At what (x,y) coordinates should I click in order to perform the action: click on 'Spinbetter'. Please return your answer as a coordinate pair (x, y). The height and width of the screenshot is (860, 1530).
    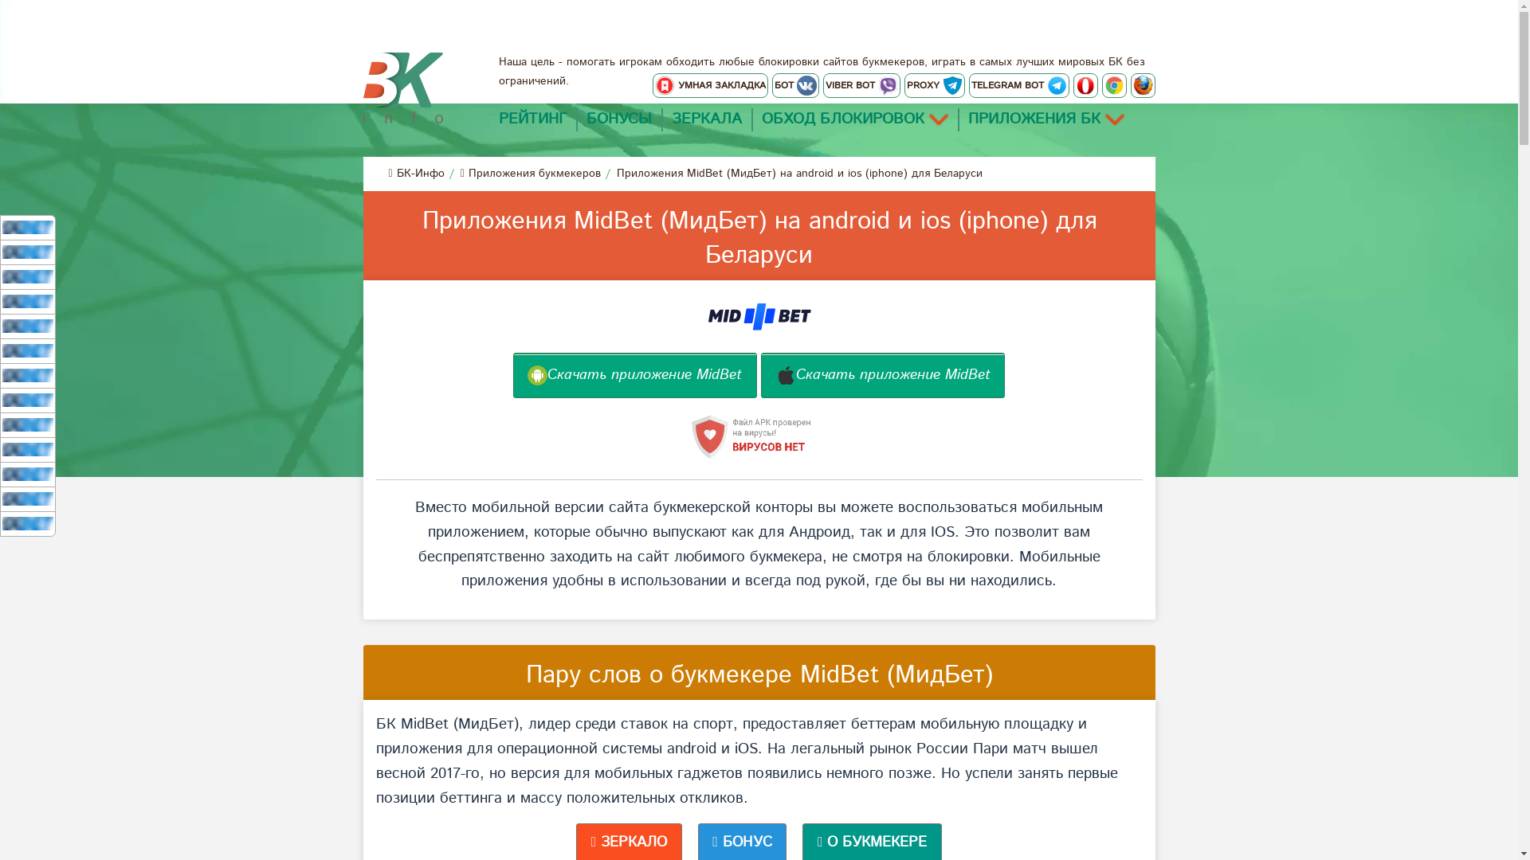
    Looking at the image, I should click on (27, 424).